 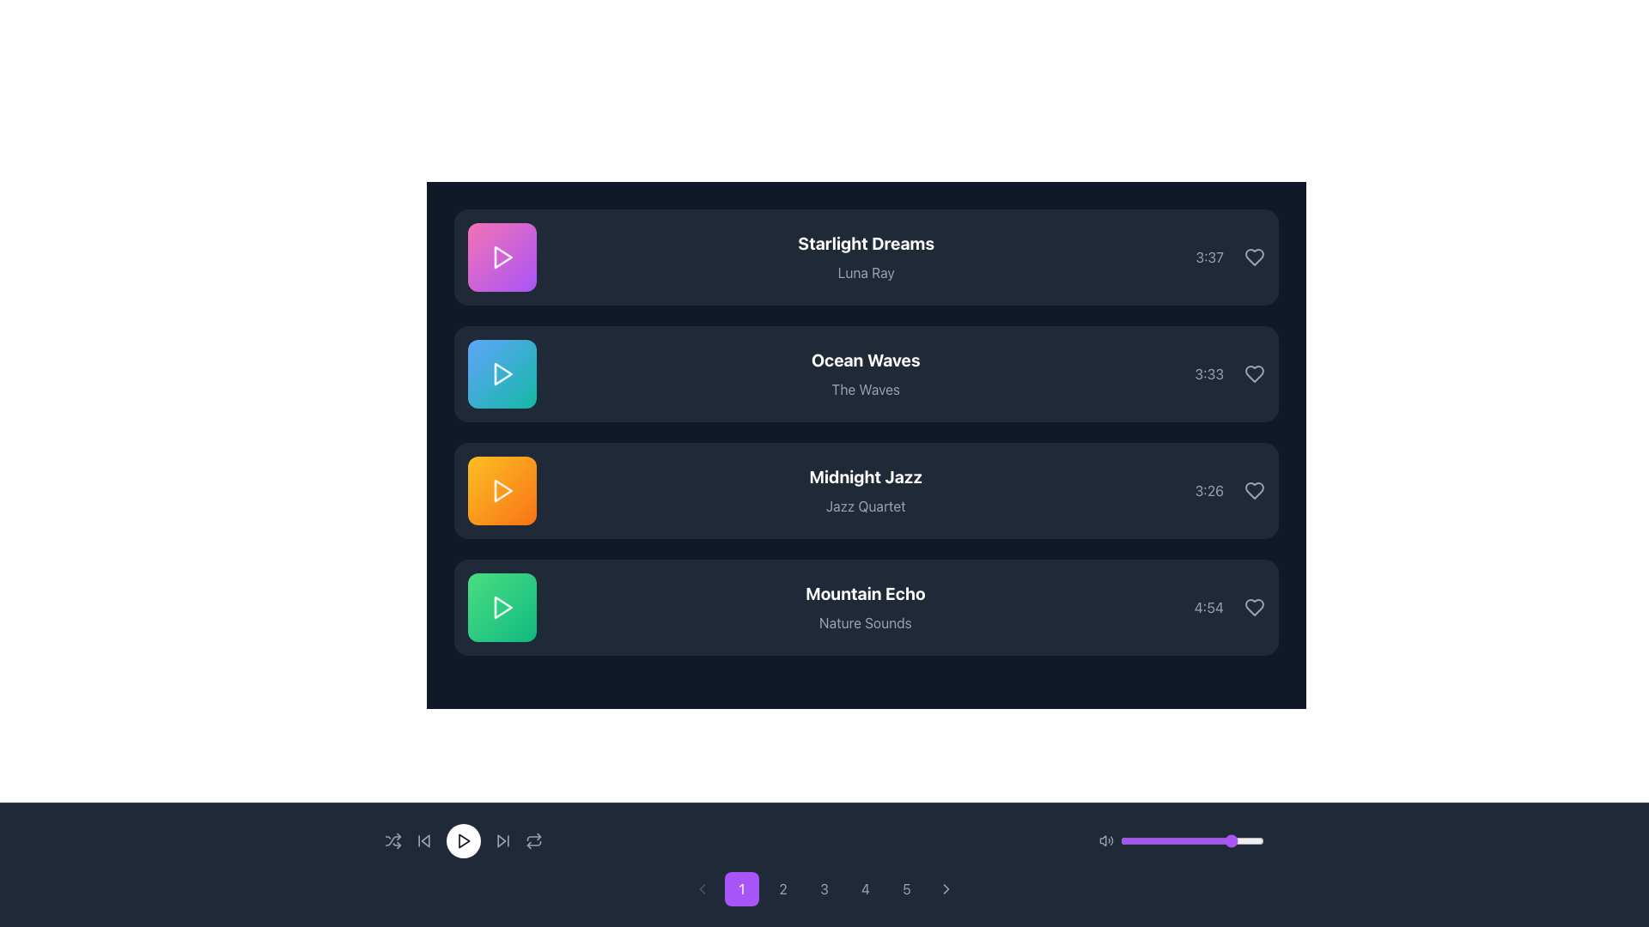 What do you see at coordinates (824, 888) in the screenshot?
I see `the circular button labeled '3' in the pagination control at the bottom of the interface for keyboard navigation` at bounding box center [824, 888].